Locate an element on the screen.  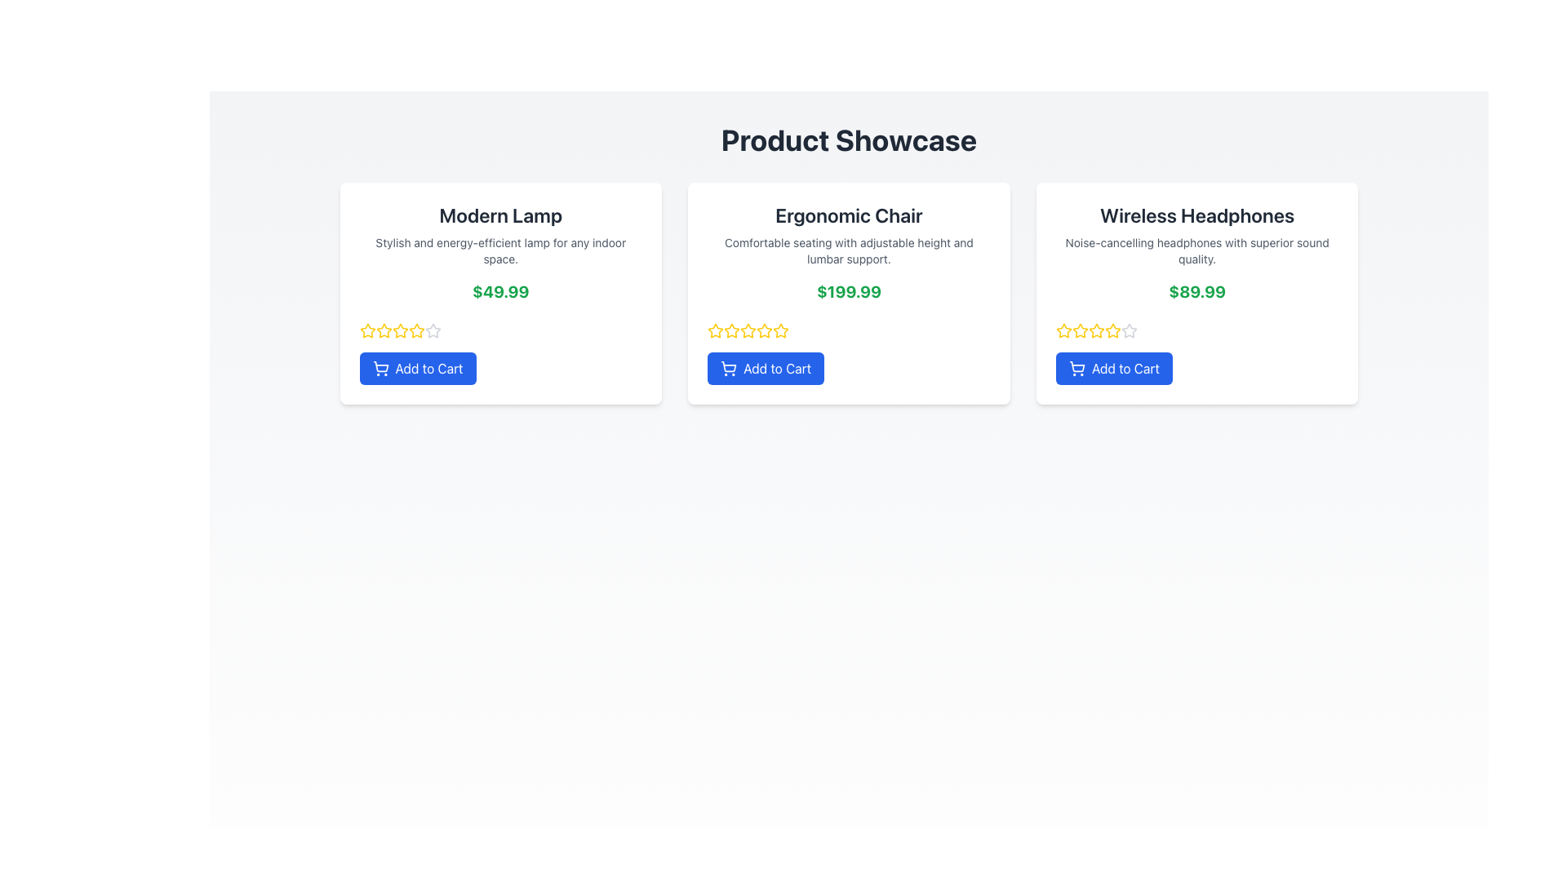
the text block styled in light gray that reads 'Comfortable seating with adjustable height and lumbar support.' located below the 'Ergonomic Chair' heading is located at coordinates (849, 251).